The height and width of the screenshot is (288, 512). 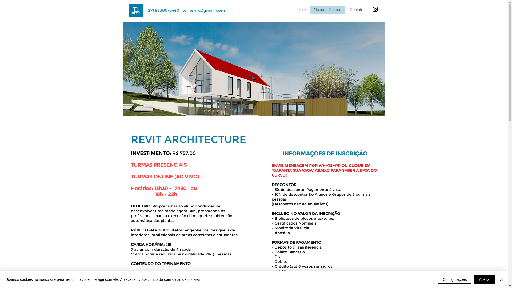 What do you see at coordinates (186, 10) in the screenshot?
I see `'(27) 93300-6440 | torne.vix@gmail.com'` at bounding box center [186, 10].